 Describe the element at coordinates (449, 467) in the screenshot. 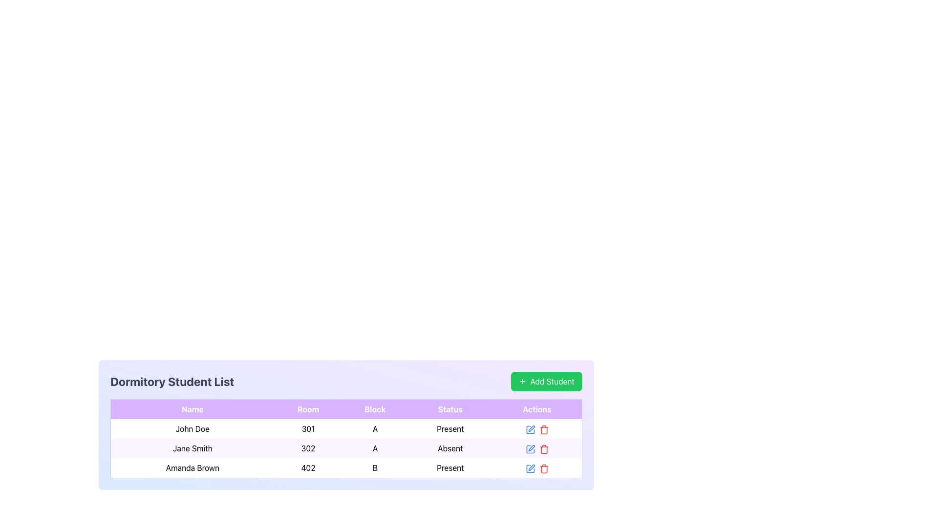

I see `the static label 'Present' in the 'Status' column for 'Amanda Brown' in the dormitory student list table` at that location.